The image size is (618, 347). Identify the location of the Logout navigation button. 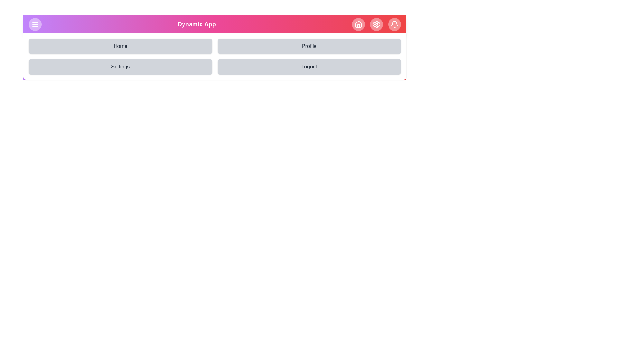
(309, 67).